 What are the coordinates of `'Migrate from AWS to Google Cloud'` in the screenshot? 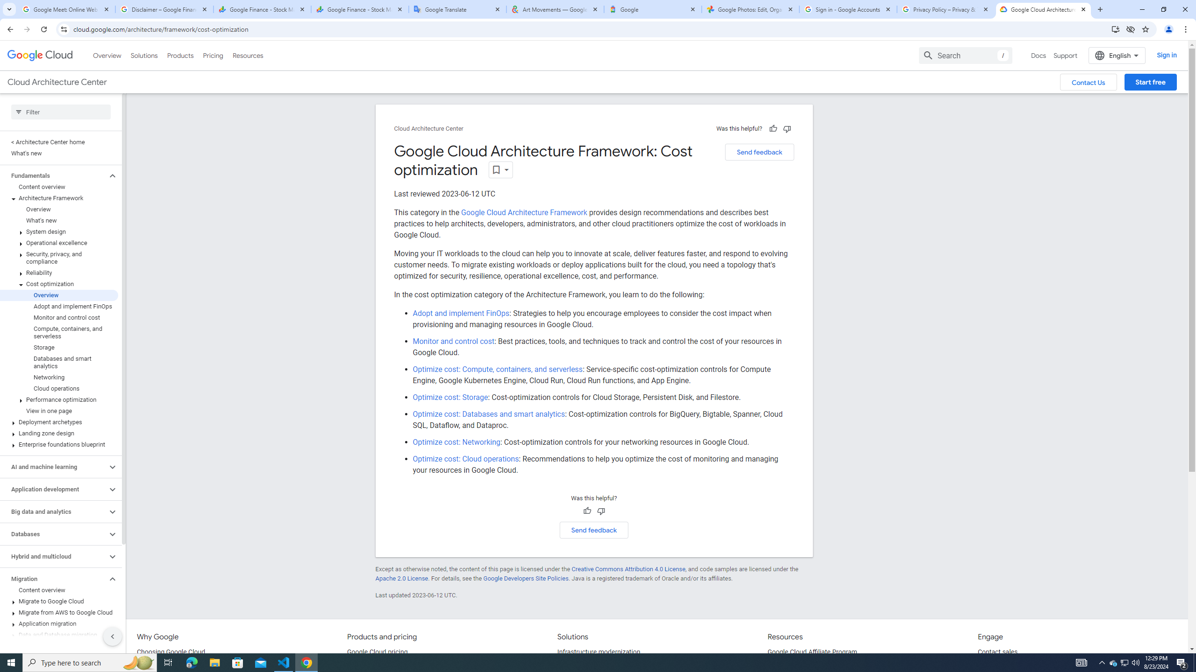 It's located at (59, 612).